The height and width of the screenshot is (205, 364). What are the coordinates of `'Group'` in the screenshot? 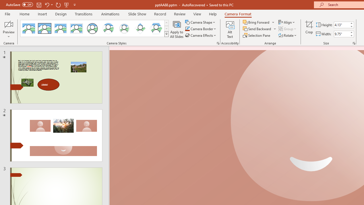 It's located at (288, 29).